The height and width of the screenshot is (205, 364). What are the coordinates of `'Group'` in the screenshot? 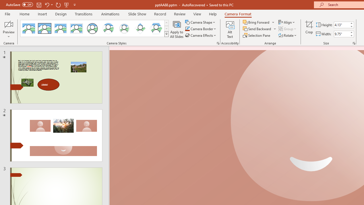 It's located at (288, 29).